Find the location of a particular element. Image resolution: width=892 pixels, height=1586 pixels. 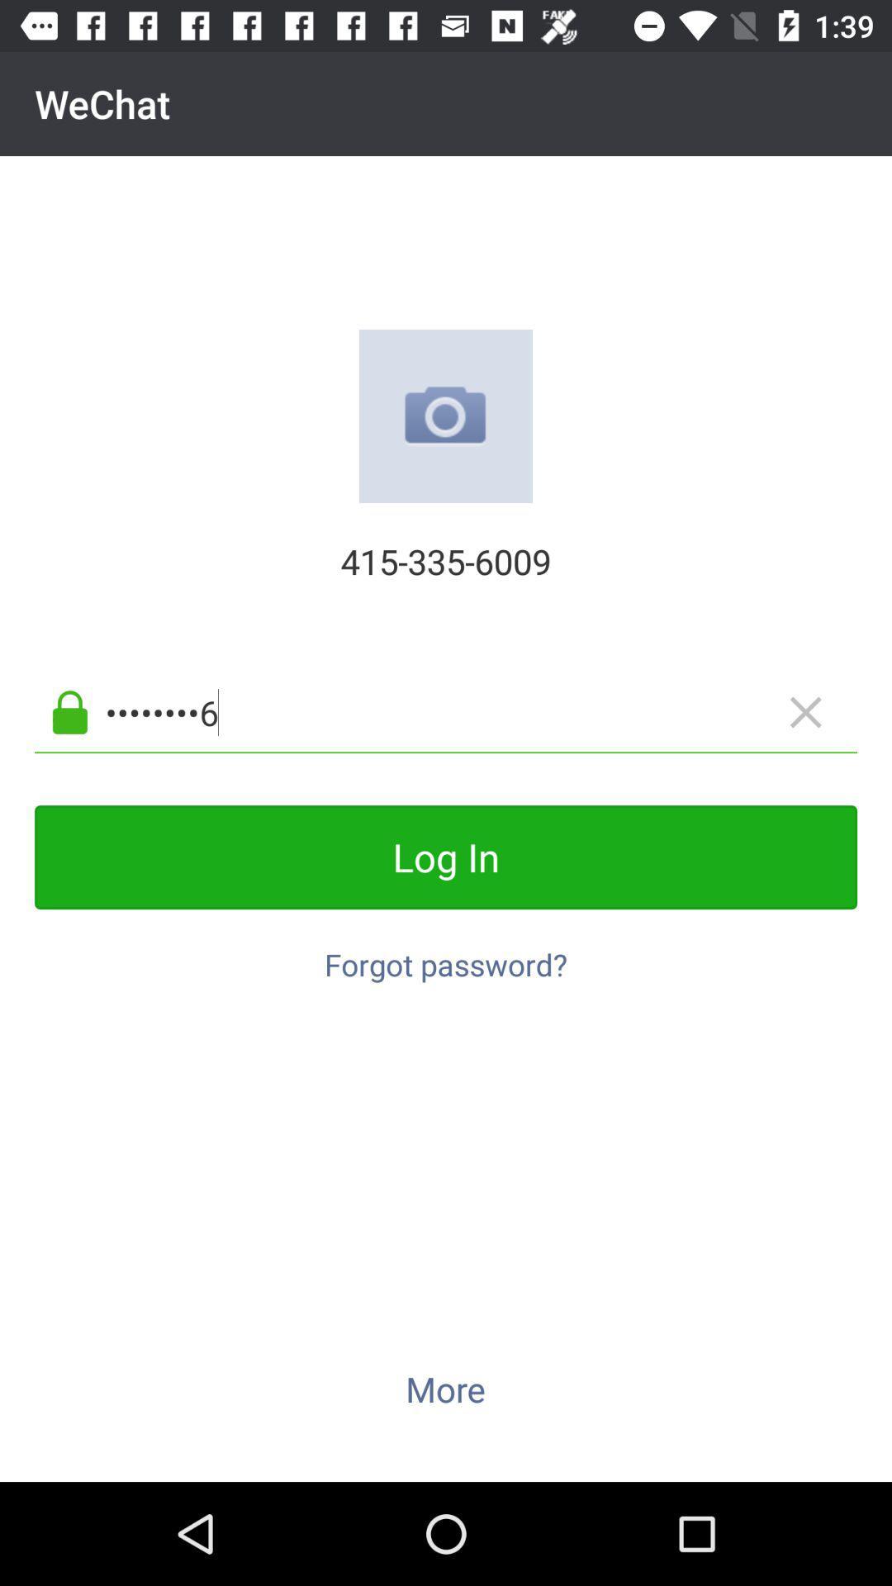

button below the forgot password? button is located at coordinates (444, 1388).